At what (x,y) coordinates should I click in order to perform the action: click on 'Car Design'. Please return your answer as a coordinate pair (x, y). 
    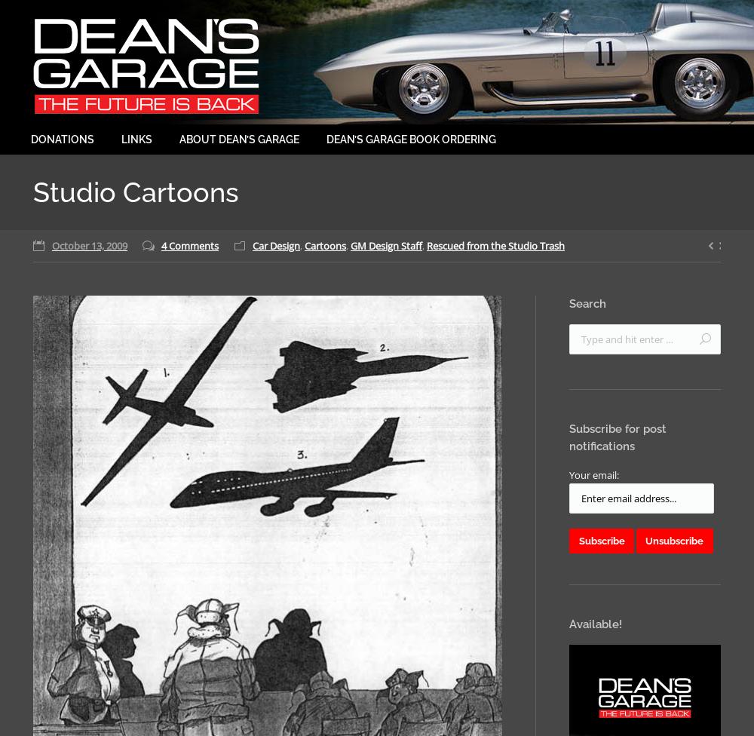
    Looking at the image, I should click on (275, 245).